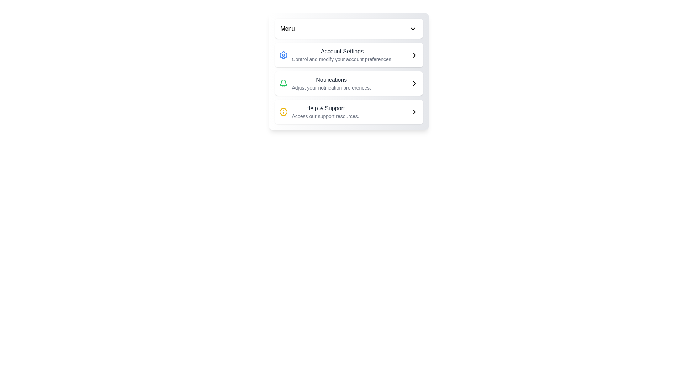  I want to click on the settings icon representing 'Account Settings', which is the first icon in the list of settings options, so click(283, 54).